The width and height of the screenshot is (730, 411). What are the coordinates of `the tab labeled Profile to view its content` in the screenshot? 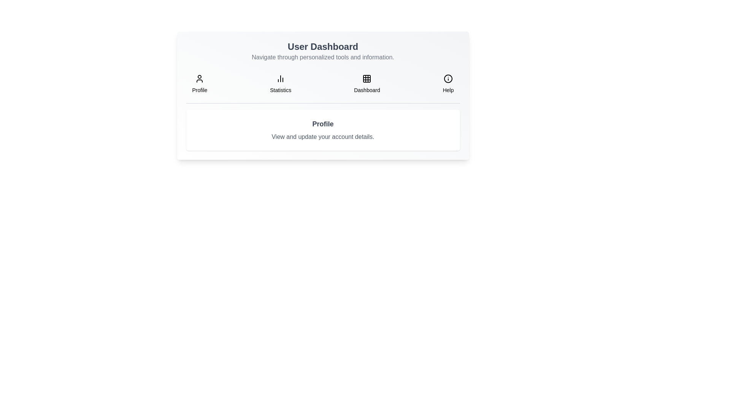 It's located at (199, 84).